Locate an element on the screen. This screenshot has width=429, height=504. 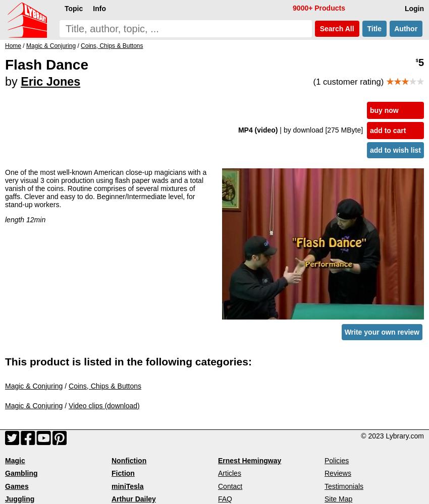
'Eric Jones' is located at coordinates (49, 82).